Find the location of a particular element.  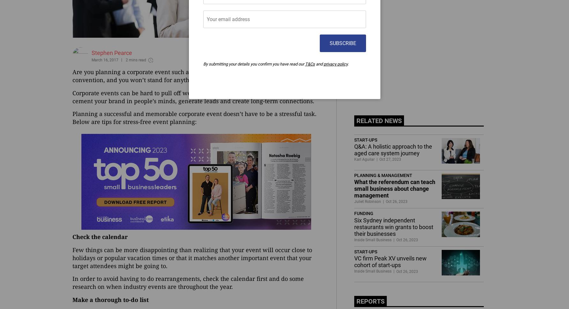

'March 16, 2017' is located at coordinates (104, 59).